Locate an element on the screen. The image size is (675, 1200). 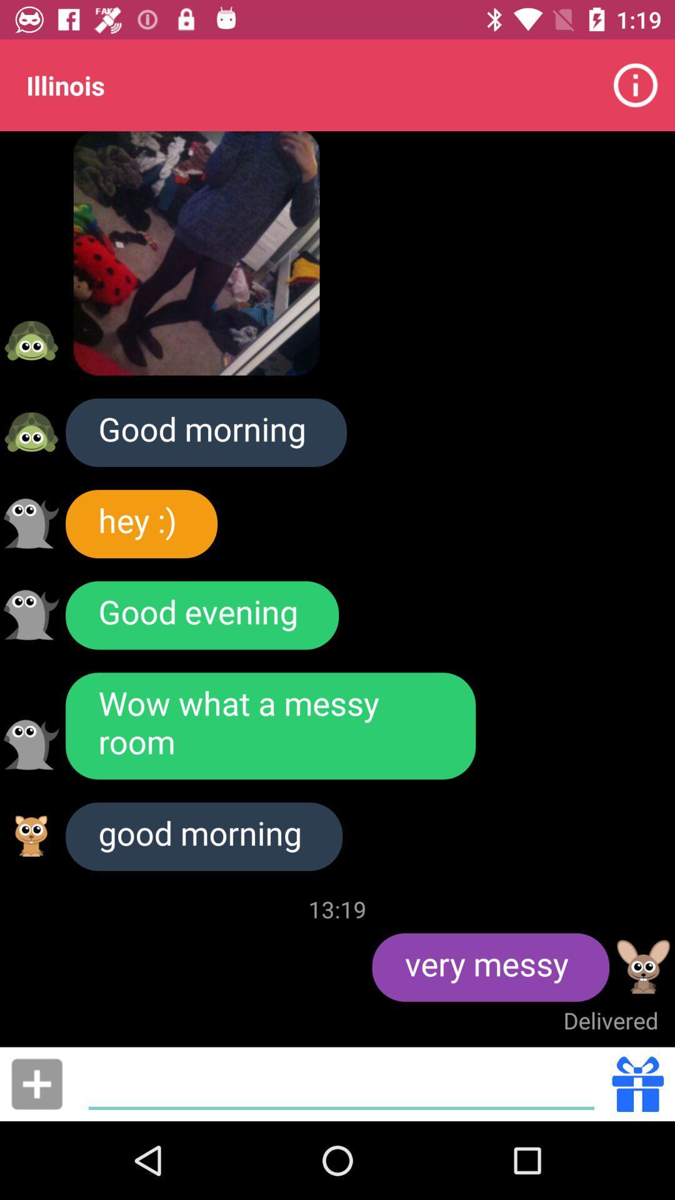
item to the left of the very messy is located at coordinates (337, 909).